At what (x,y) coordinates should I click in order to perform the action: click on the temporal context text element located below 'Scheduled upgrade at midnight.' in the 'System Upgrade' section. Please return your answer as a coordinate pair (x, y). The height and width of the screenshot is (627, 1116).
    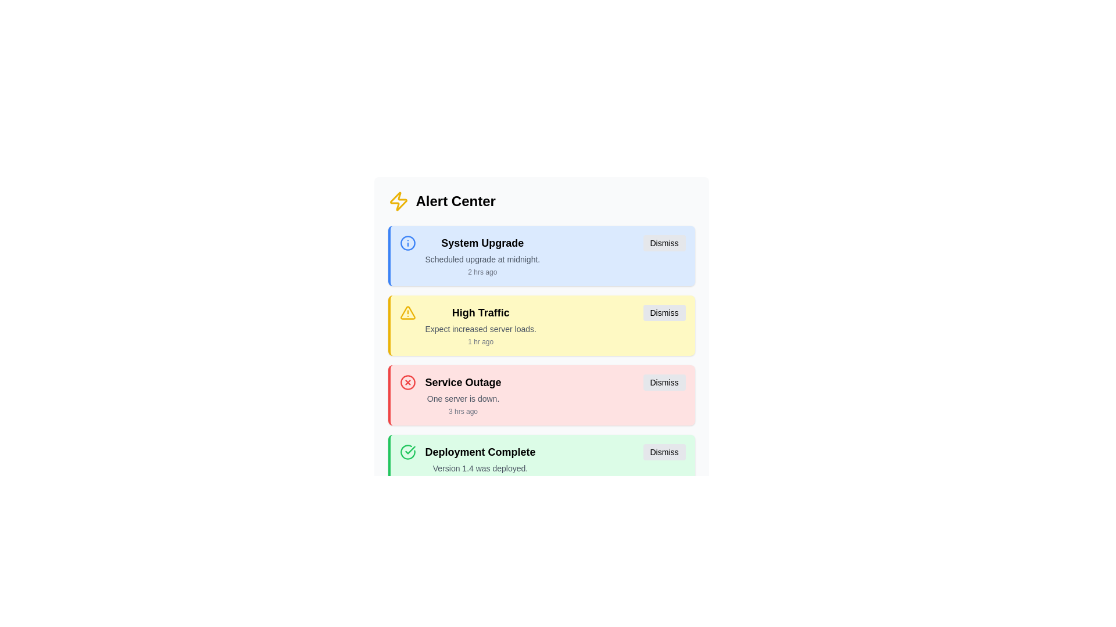
    Looking at the image, I should click on (482, 272).